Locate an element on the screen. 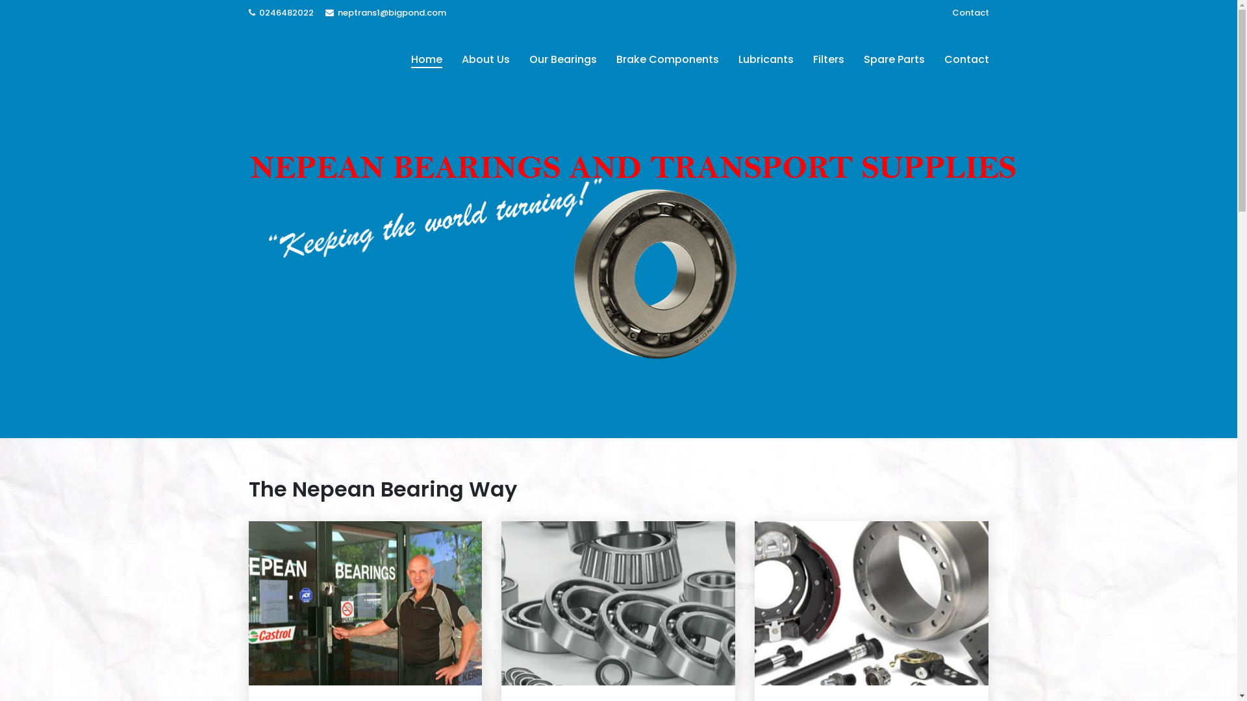 The height and width of the screenshot is (701, 1247). 'Spare Parts' is located at coordinates (853, 60).